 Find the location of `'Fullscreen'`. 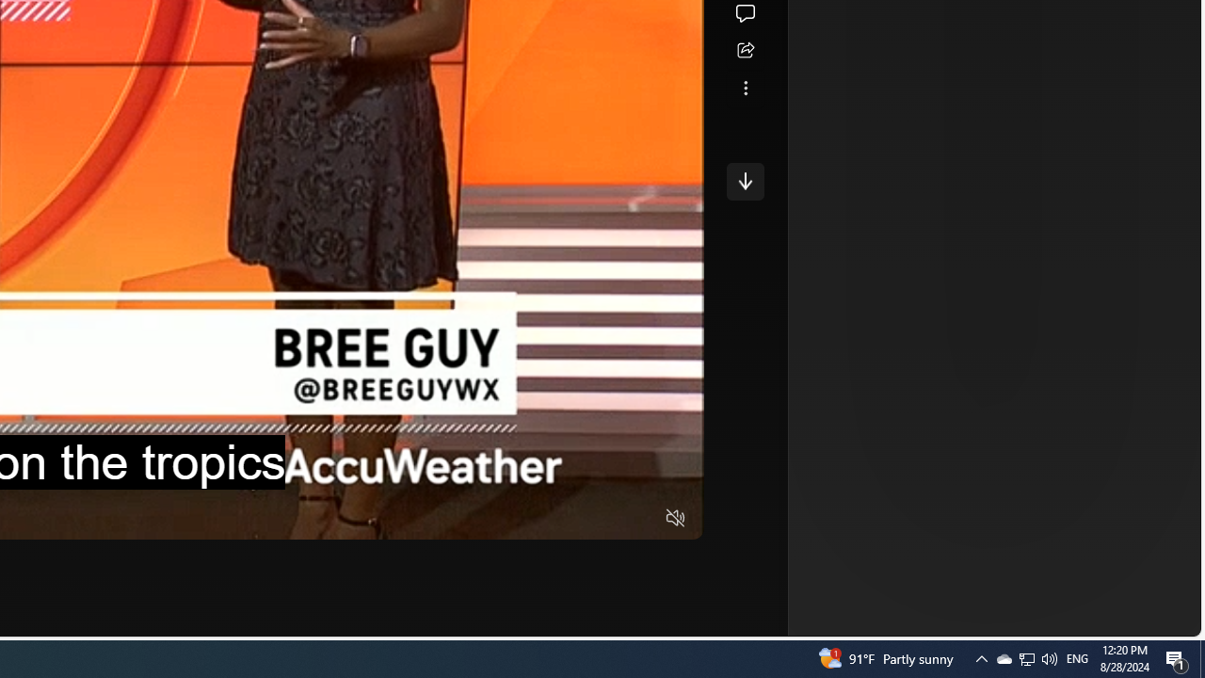

'Fullscreen' is located at coordinates (640, 518).